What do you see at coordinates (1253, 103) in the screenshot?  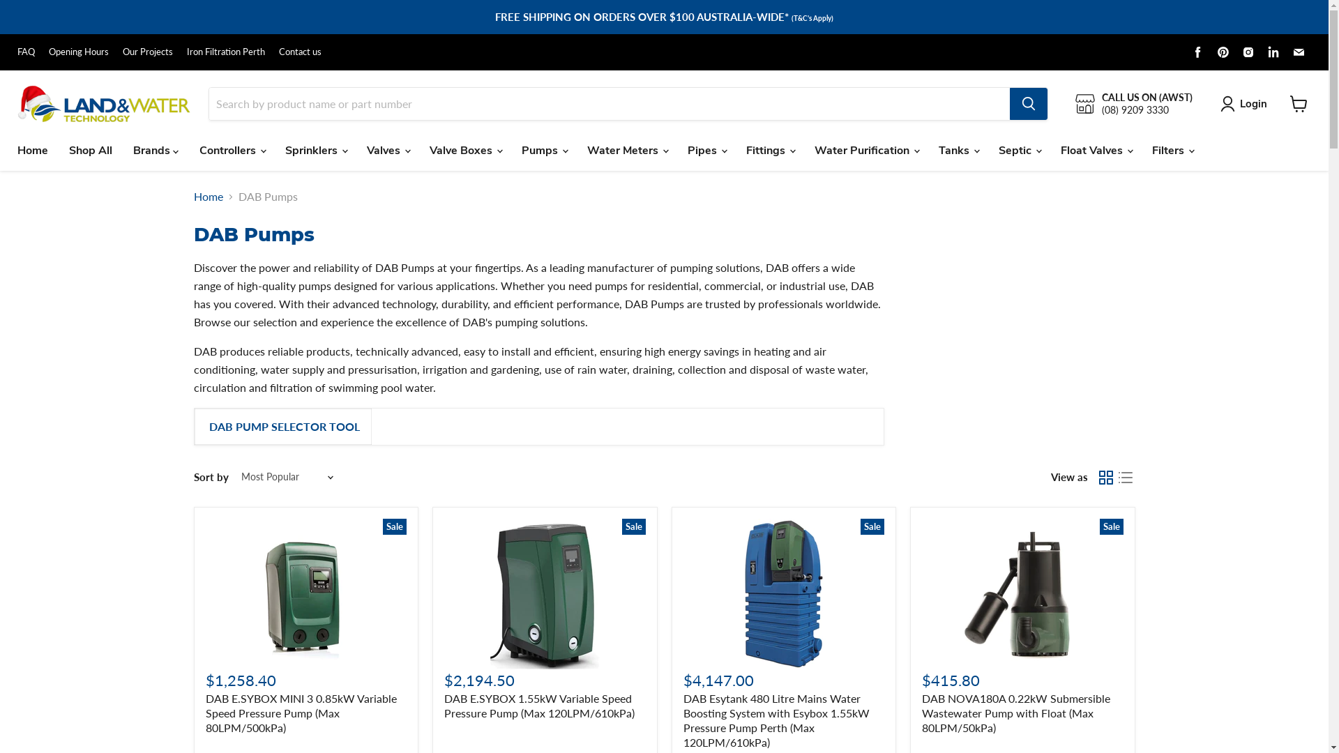 I see `'Login'` at bounding box center [1253, 103].